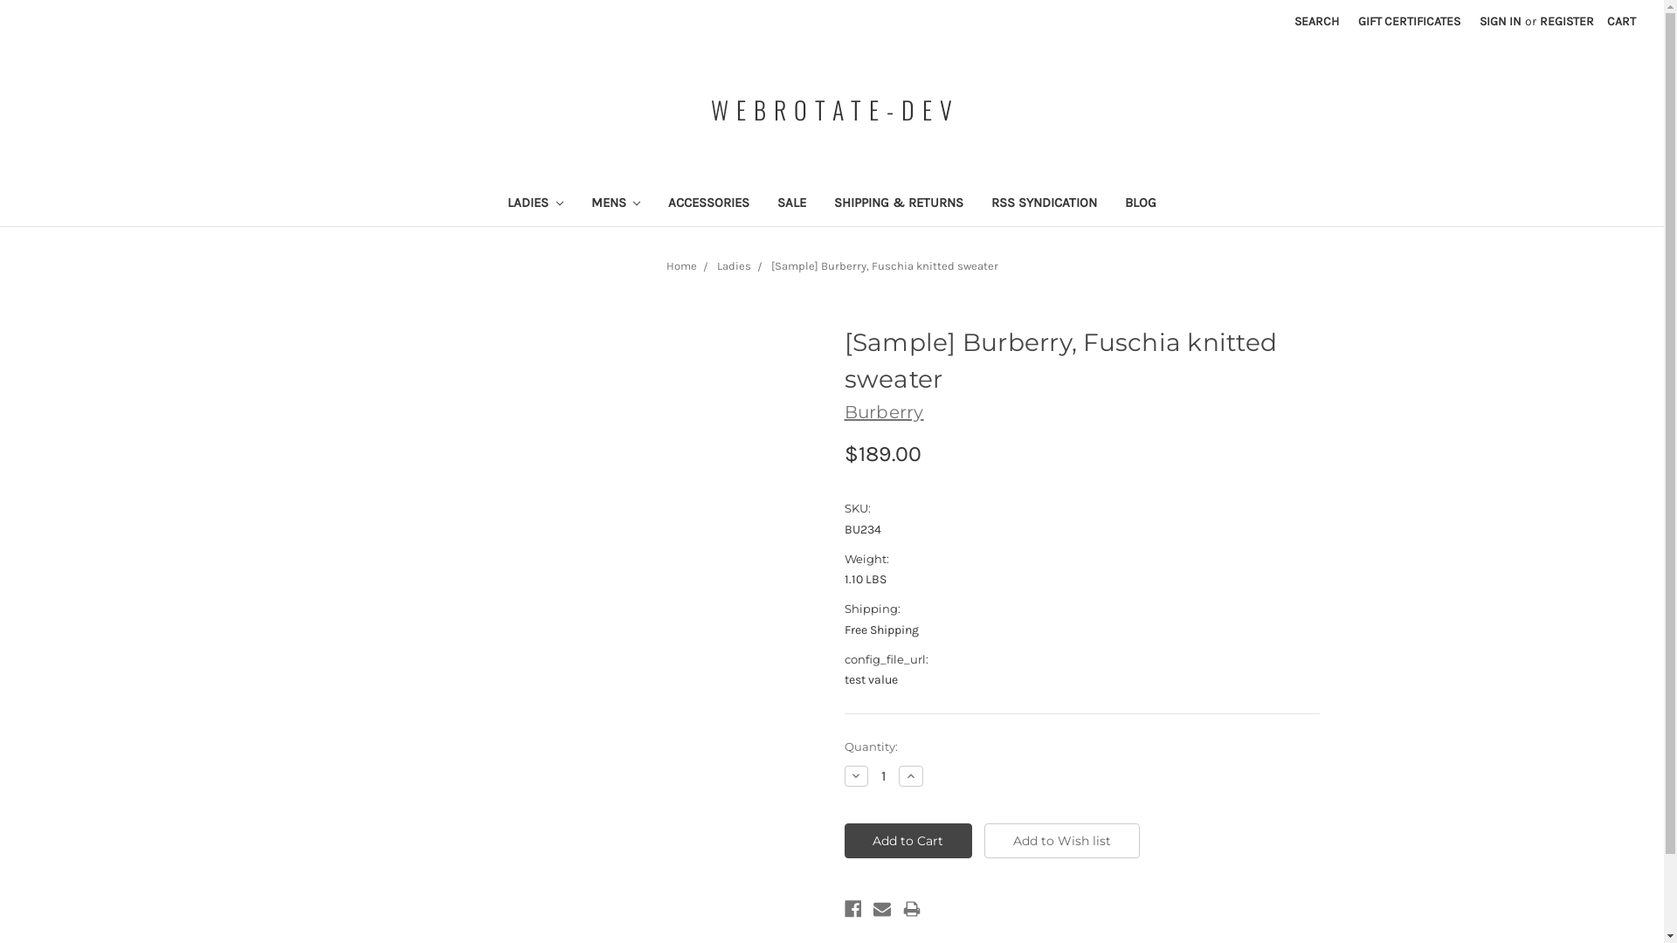 The width and height of the screenshot is (1677, 943). What do you see at coordinates (493, 203) in the screenshot?
I see `'LADIES'` at bounding box center [493, 203].